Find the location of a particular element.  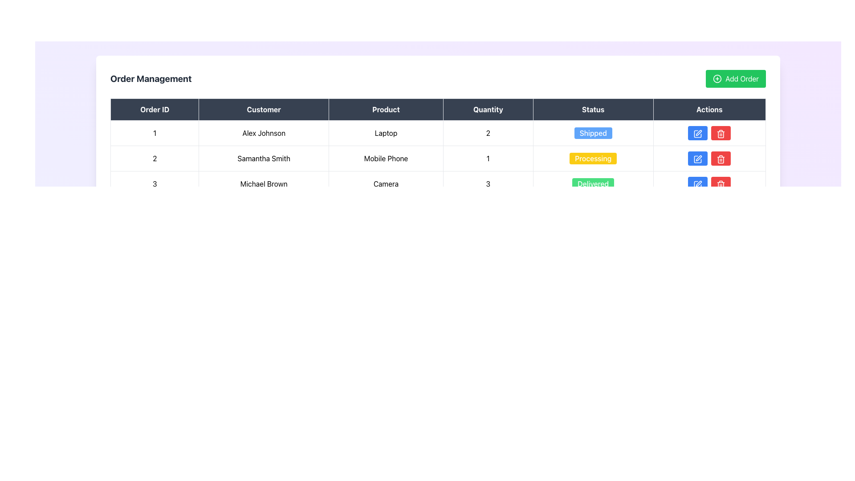

the edit icon button located in the second row of the 'Actions' column is located at coordinates (697, 159).